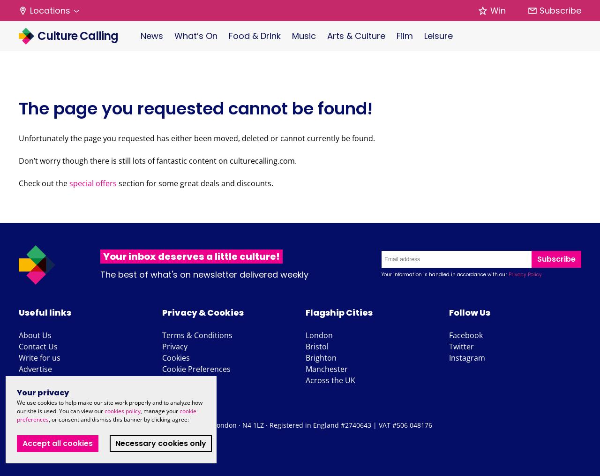 This screenshot has height=476, width=600. Describe the element at coordinates (176, 357) in the screenshot. I see `'Cookies'` at that location.